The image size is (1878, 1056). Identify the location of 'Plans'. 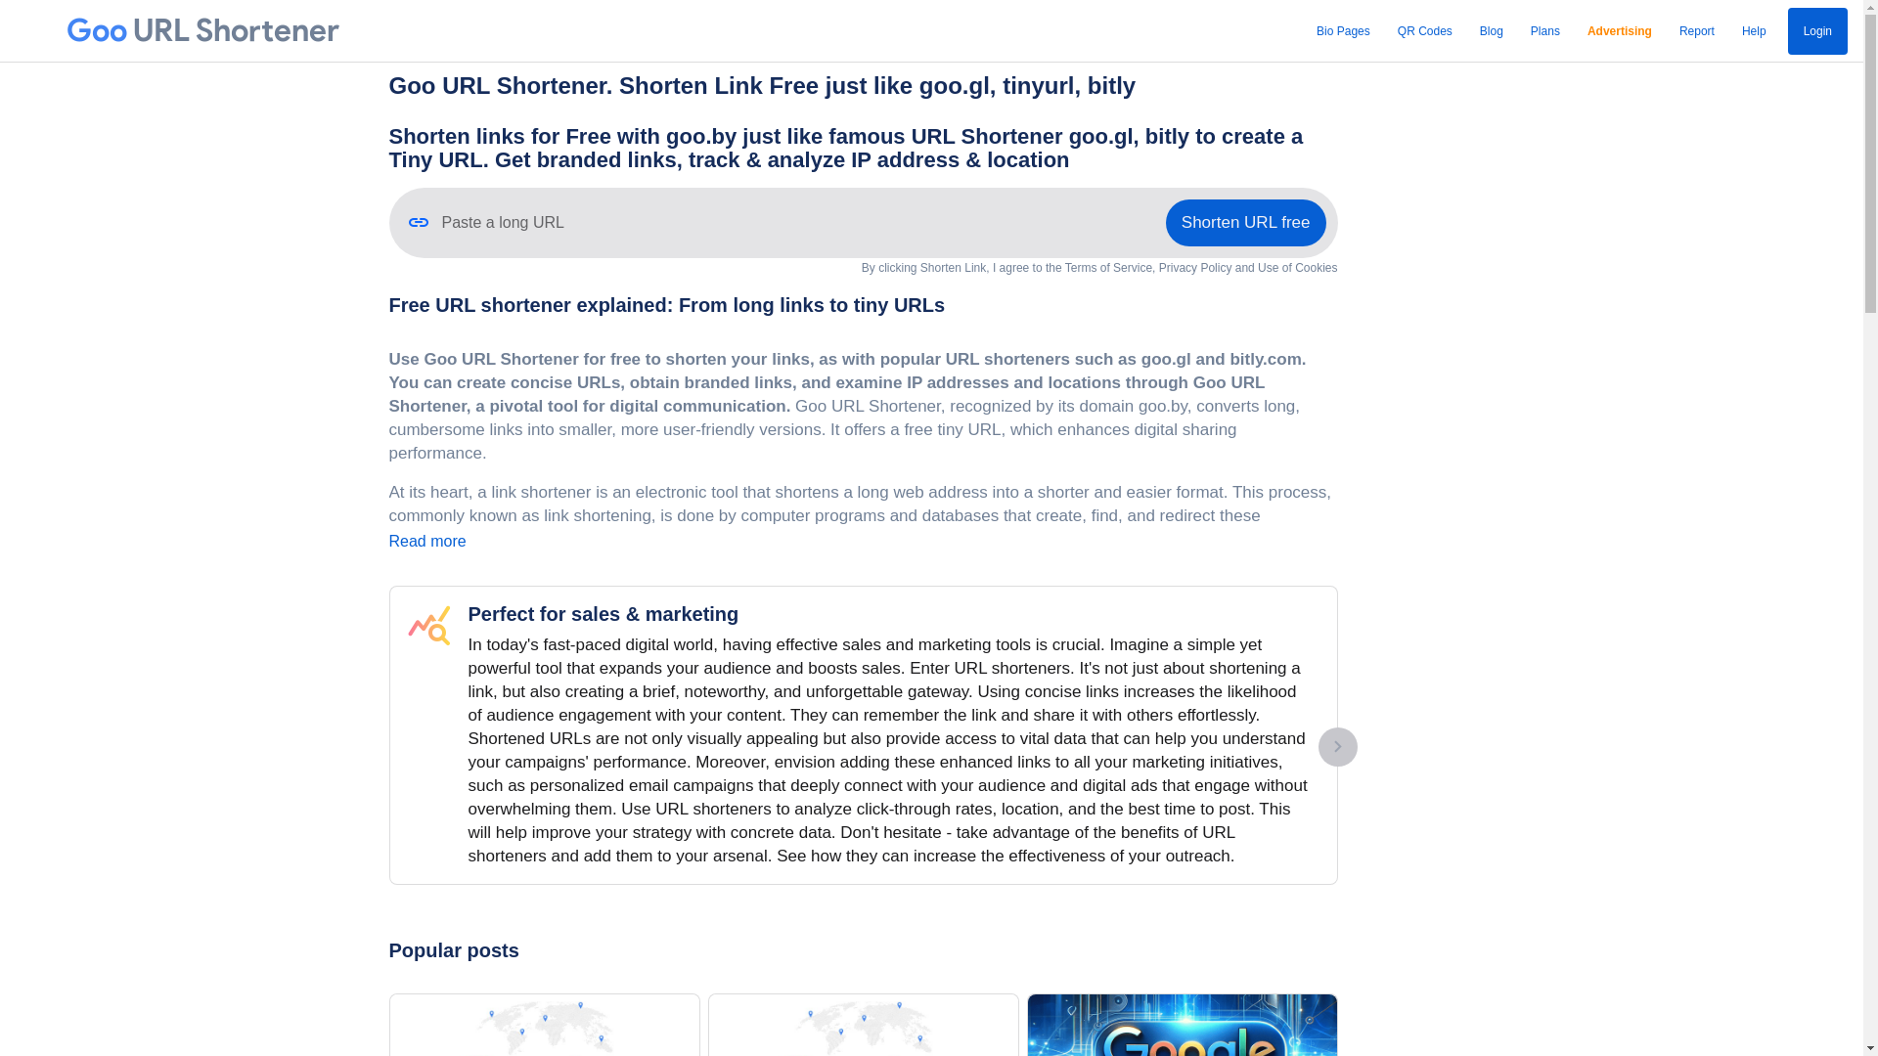
(1543, 30).